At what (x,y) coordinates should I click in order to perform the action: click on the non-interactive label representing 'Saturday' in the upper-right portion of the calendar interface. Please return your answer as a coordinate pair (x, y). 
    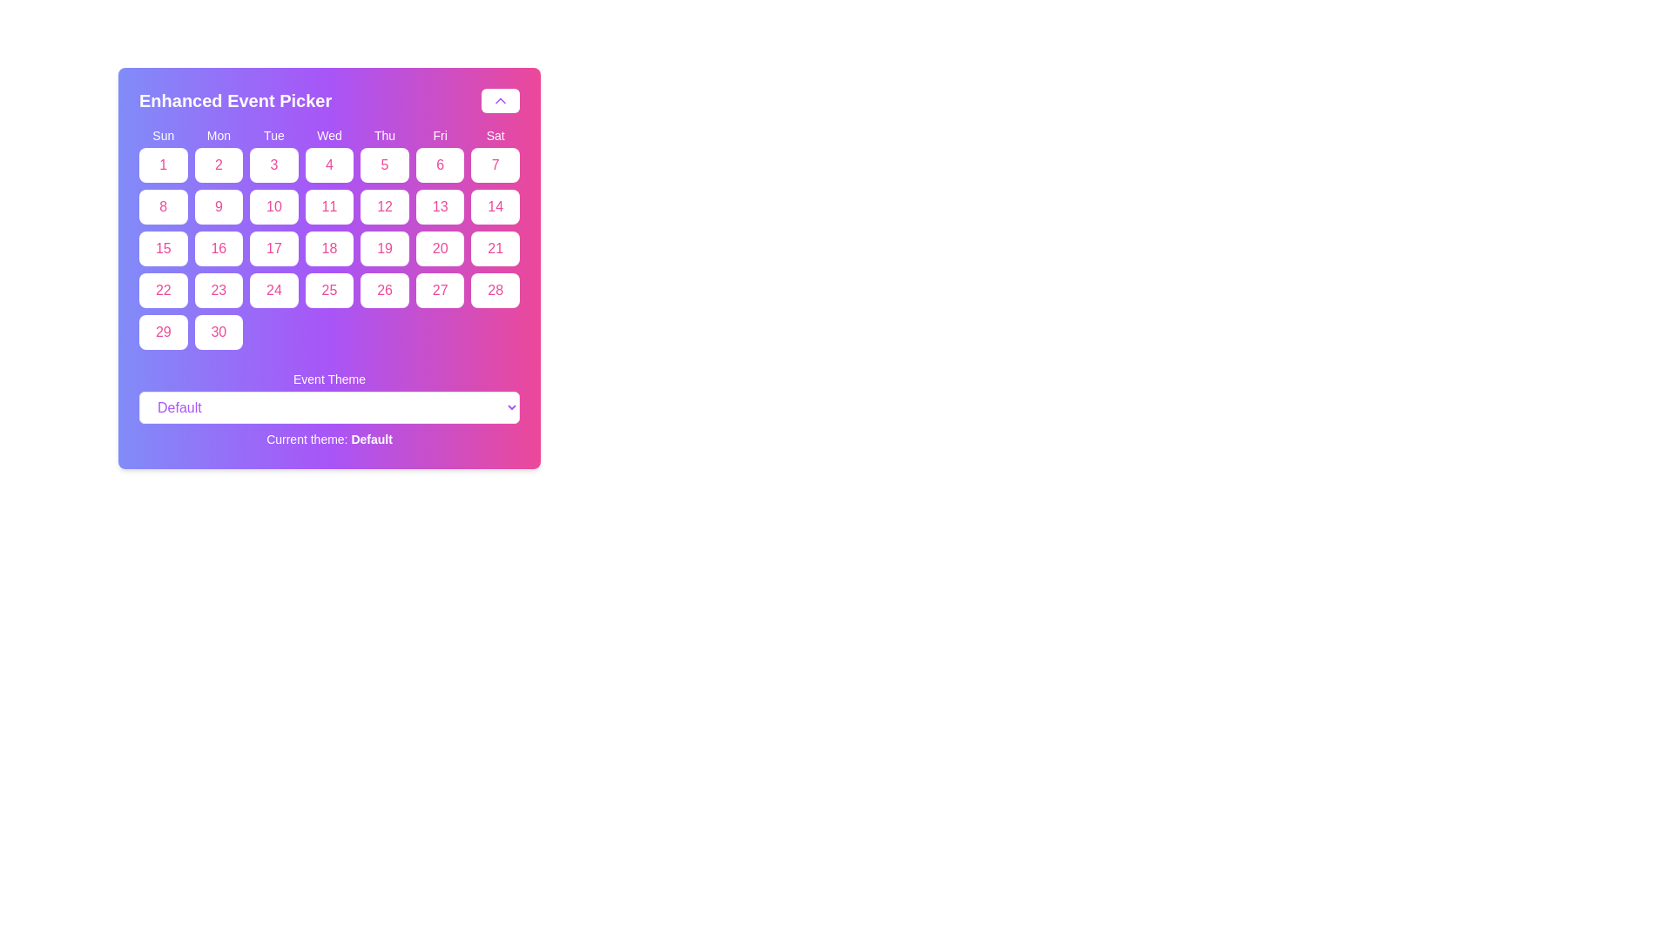
    Looking at the image, I should click on (495, 134).